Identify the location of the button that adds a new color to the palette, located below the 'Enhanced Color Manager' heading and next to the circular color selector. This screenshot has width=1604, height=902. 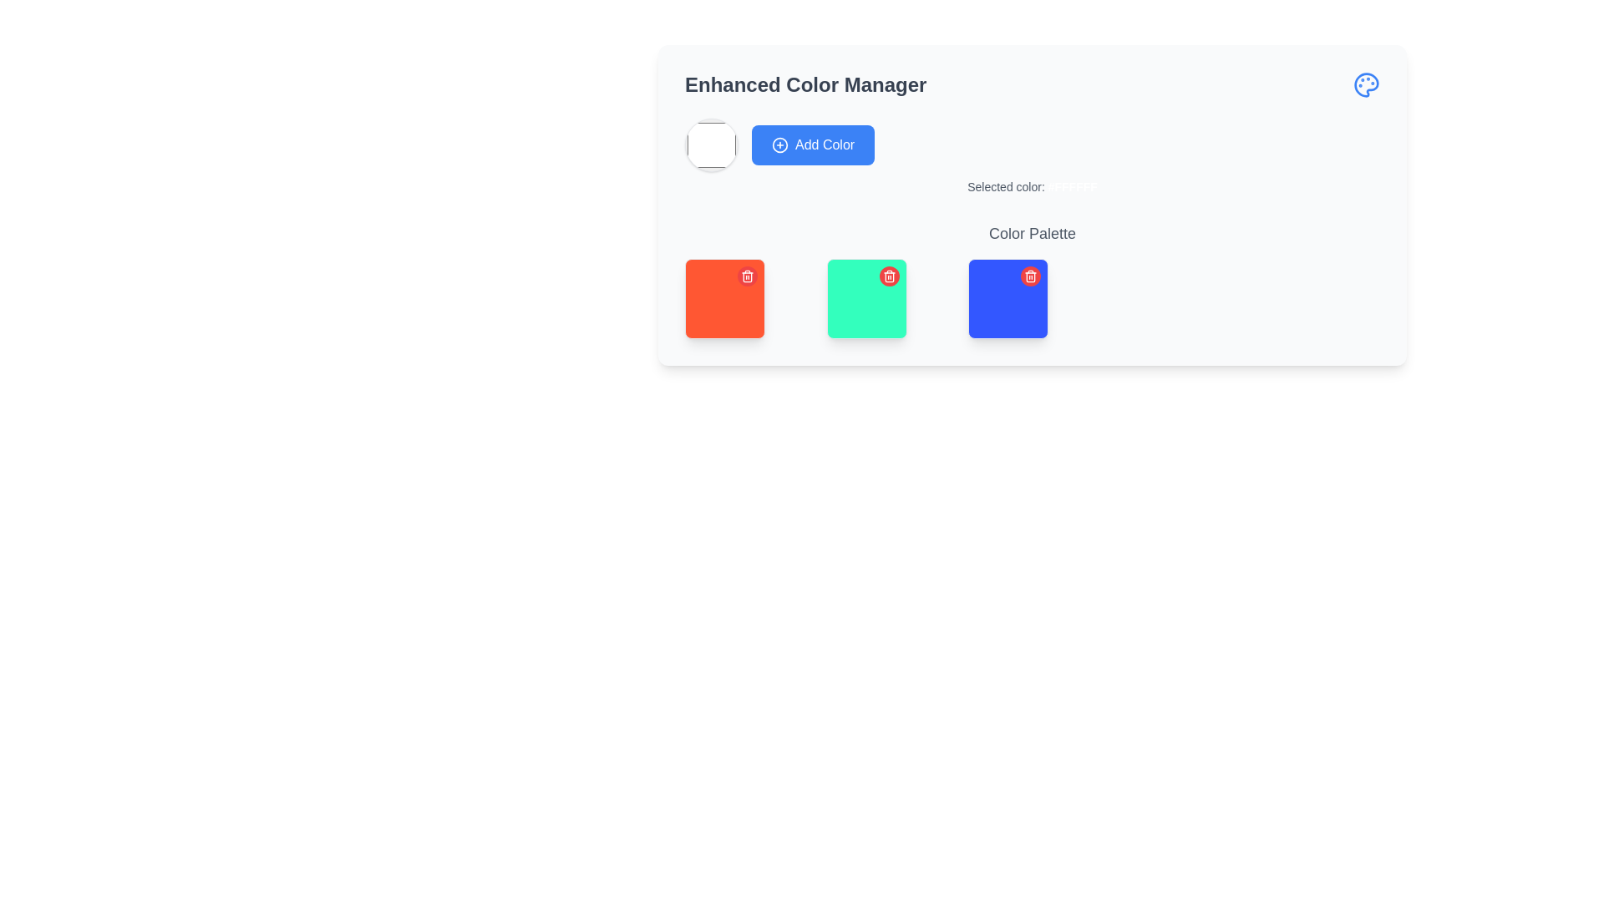
(813, 144).